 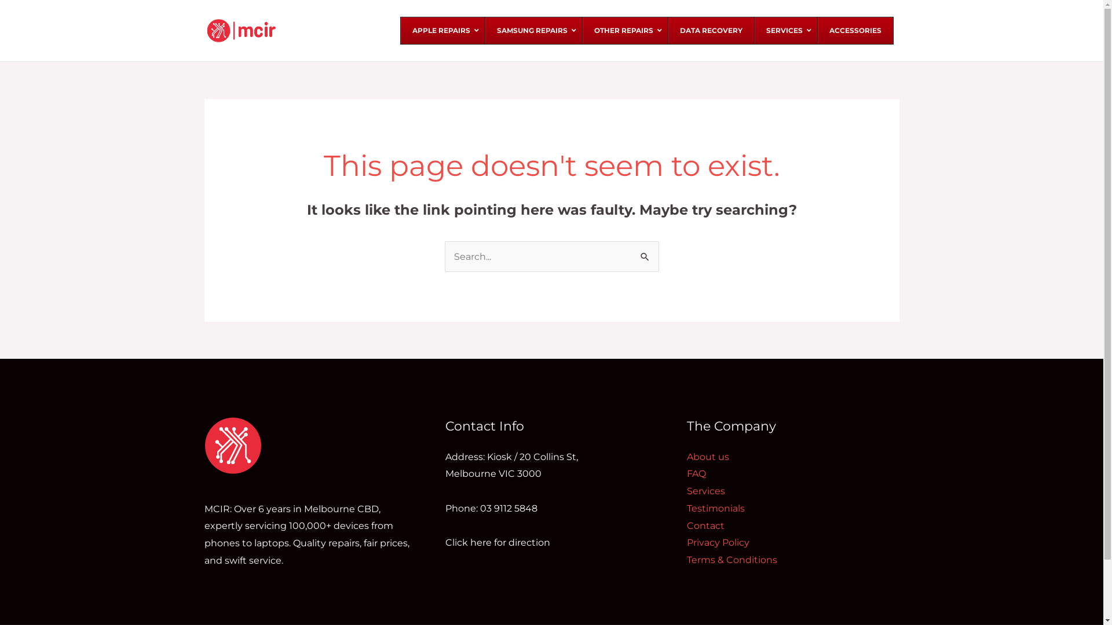 What do you see at coordinates (645, 252) in the screenshot?
I see `'Search'` at bounding box center [645, 252].